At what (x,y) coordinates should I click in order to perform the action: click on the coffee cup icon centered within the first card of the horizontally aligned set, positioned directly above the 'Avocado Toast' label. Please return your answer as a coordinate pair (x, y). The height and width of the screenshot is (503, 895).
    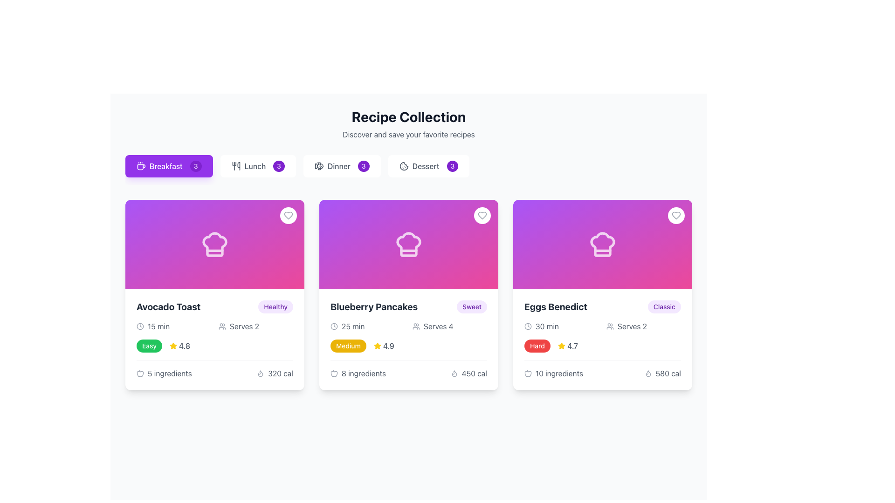
    Looking at the image, I should click on (141, 167).